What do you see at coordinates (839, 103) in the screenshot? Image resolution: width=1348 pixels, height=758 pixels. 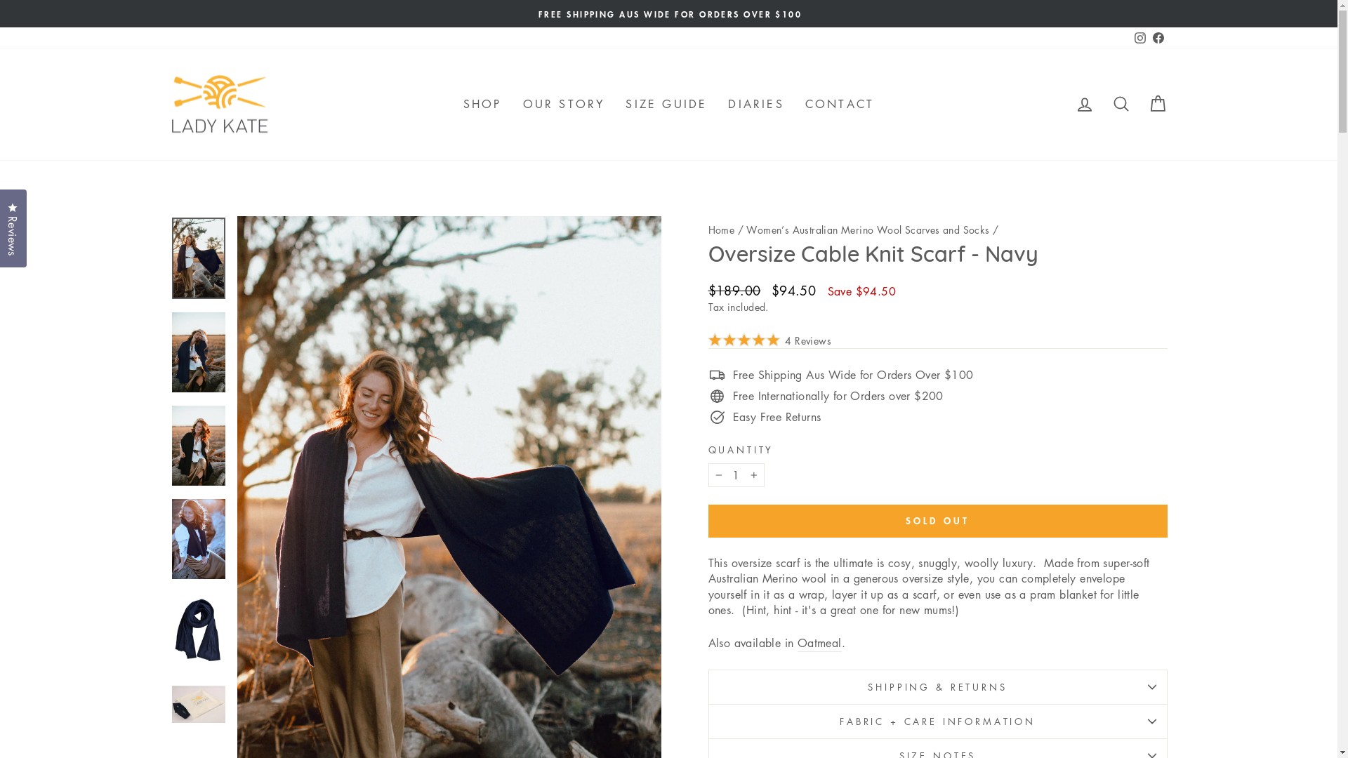 I see `'CONTACT'` at bounding box center [839, 103].